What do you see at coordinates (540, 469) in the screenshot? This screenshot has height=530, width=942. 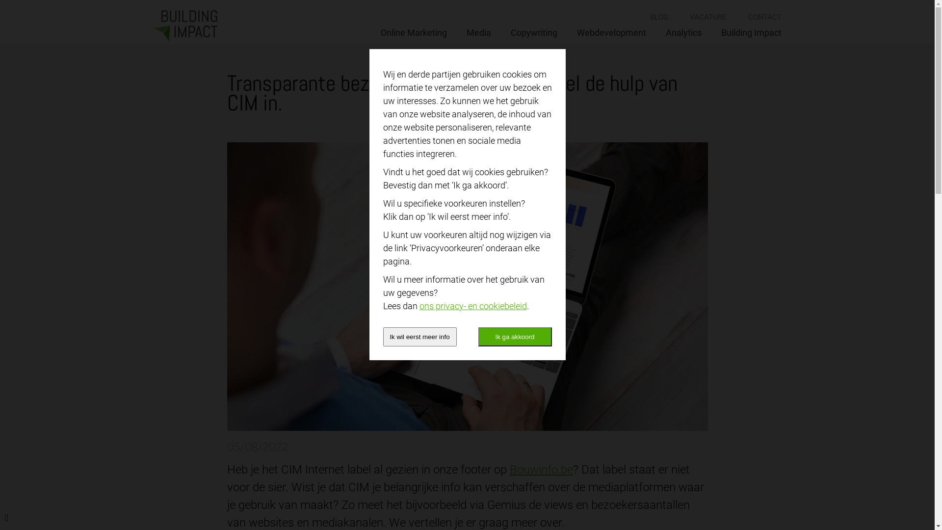 I see `'Bouwinfo.be'` at bounding box center [540, 469].